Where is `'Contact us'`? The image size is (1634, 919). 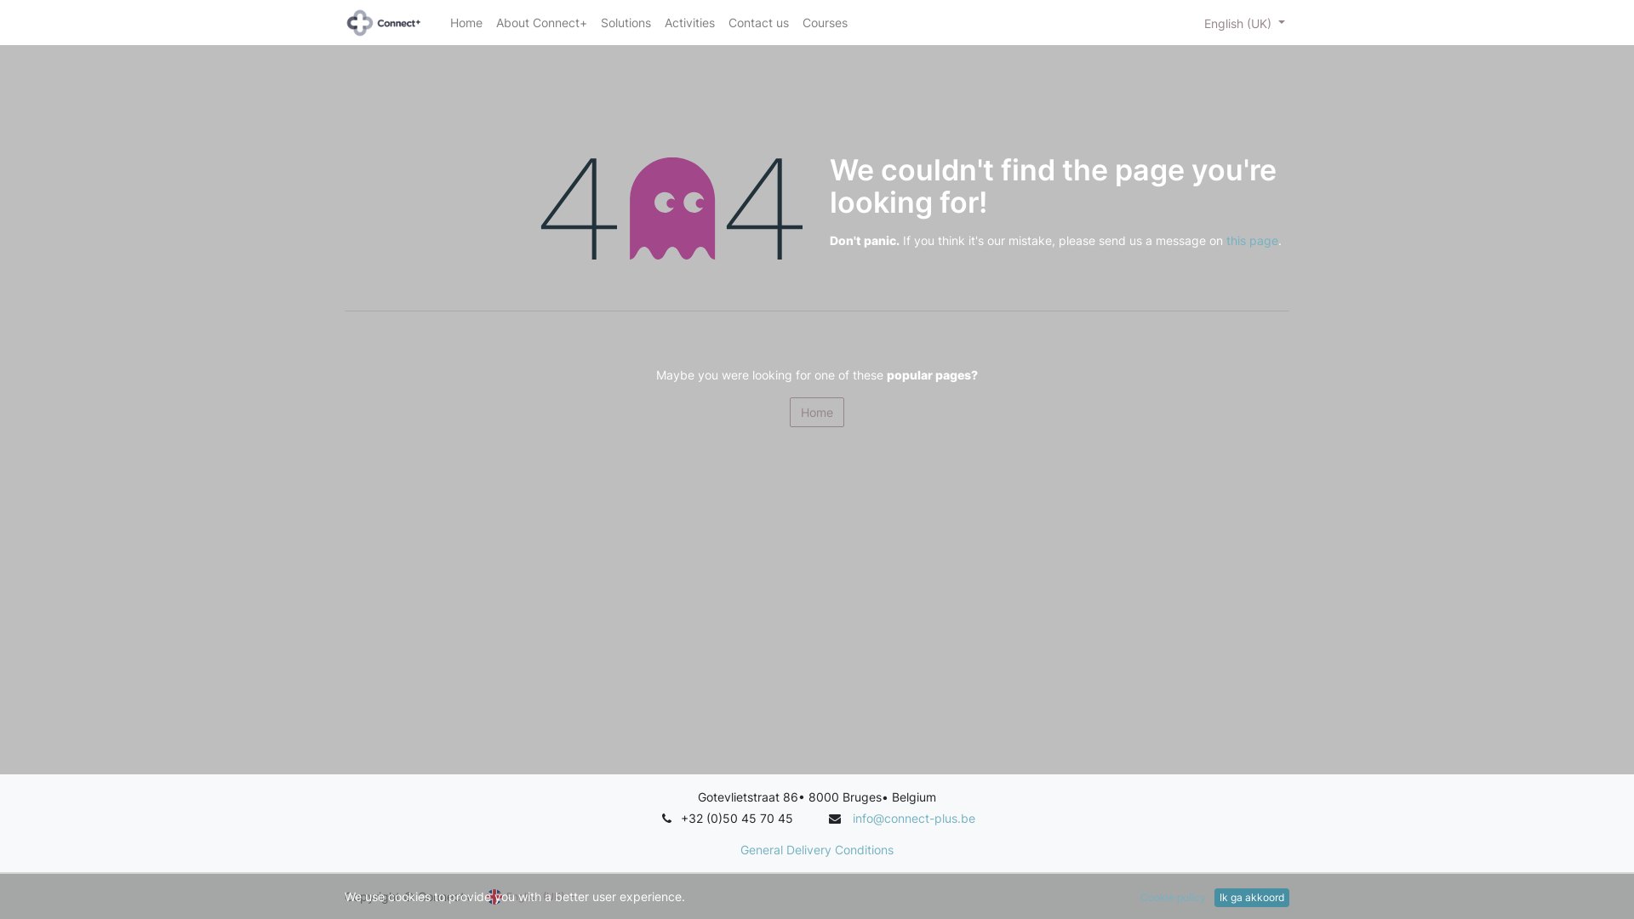 'Contact us' is located at coordinates (757, 22).